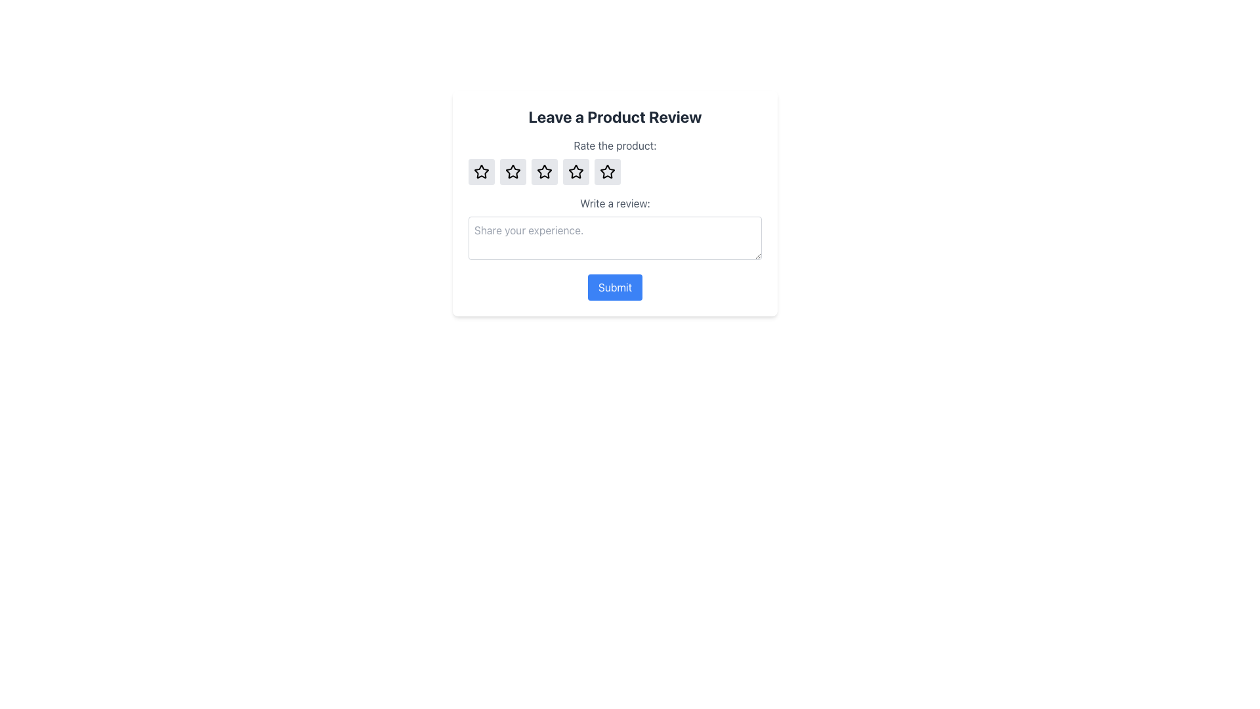  What do you see at coordinates (545, 171) in the screenshot?
I see `the third star-shaped button in the 'Rate the product:' section` at bounding box center [545, 171].